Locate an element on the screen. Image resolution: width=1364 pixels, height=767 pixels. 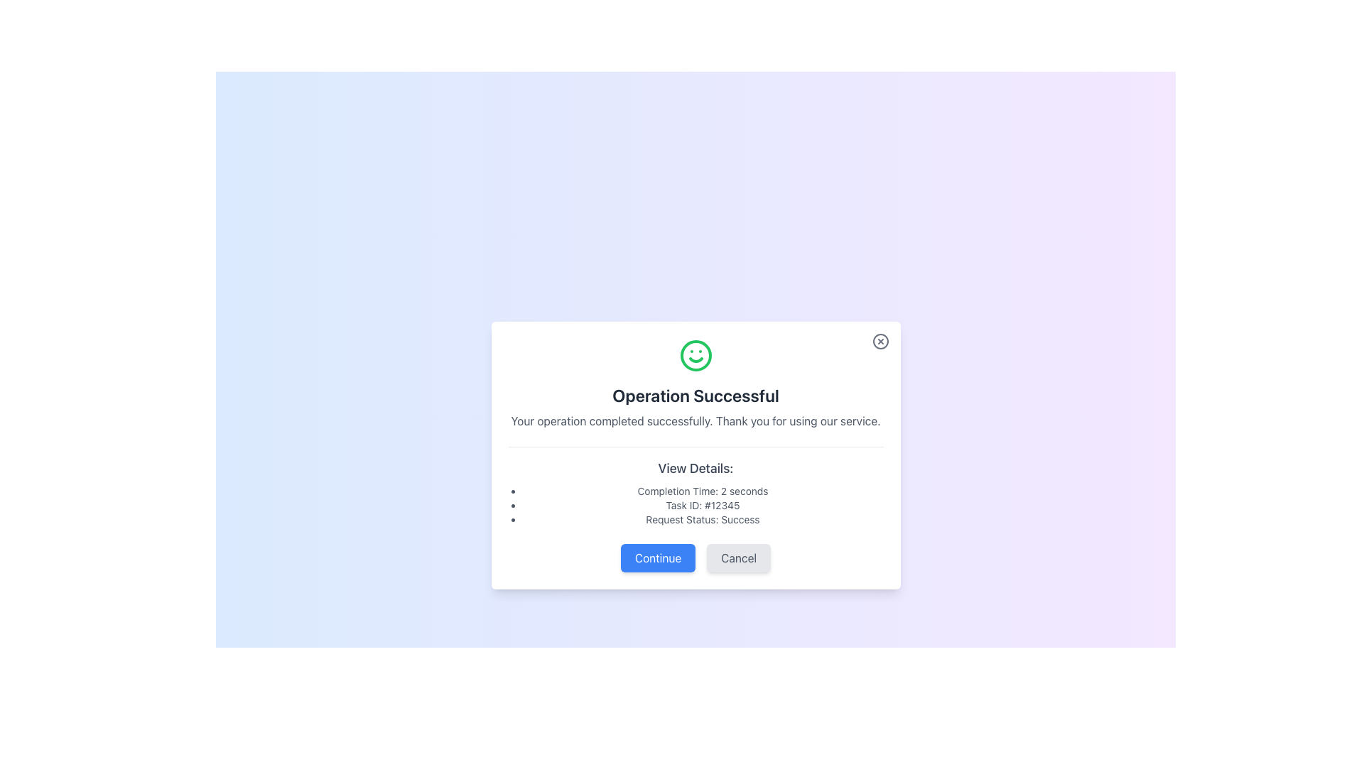
the curved line forming the lower part of the smiley face icon, which represents the mouth and is visually styled to match the surrounding elements is located at coordinates (695, 359).